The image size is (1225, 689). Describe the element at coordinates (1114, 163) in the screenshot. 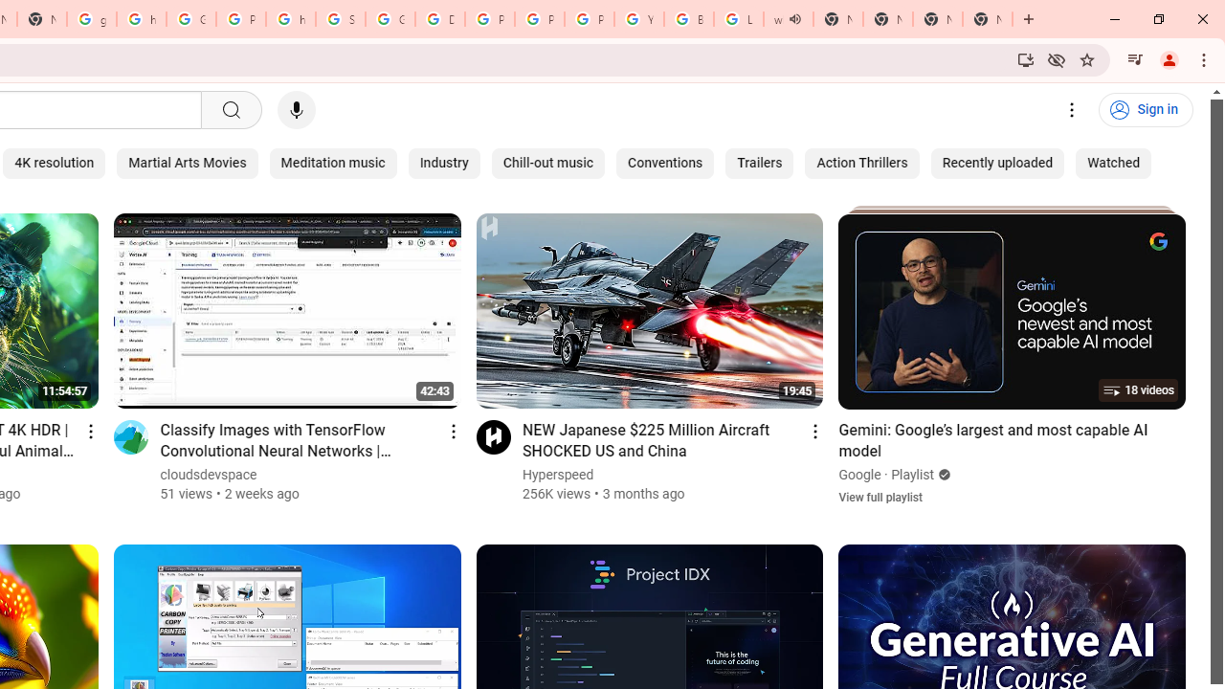

I see `'Watched'` at that location.